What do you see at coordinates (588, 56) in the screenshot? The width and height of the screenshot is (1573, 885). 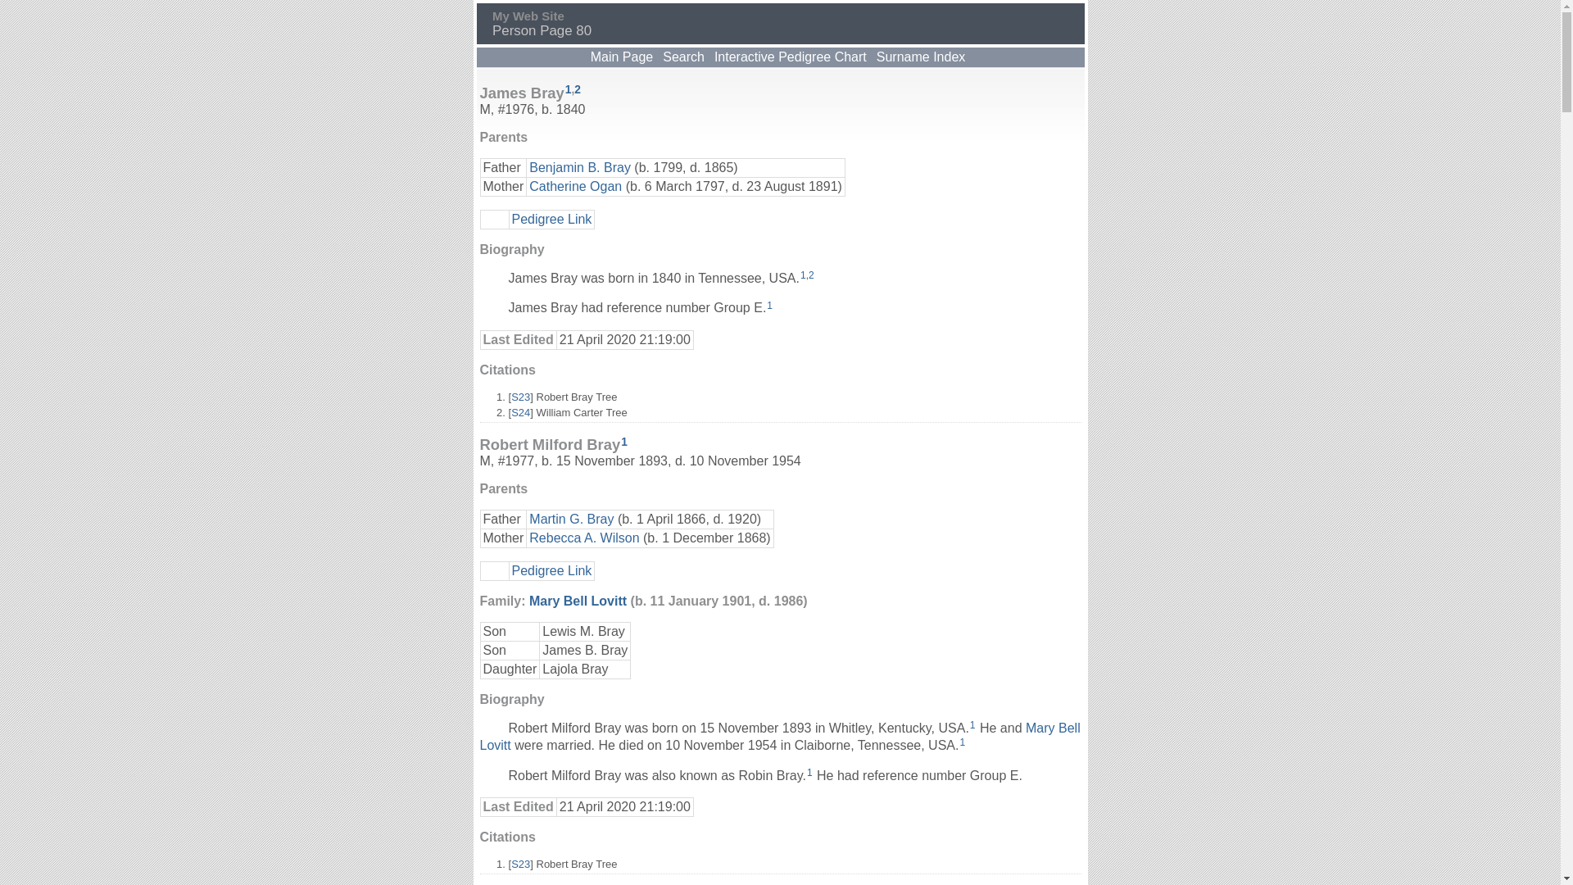 I see `'Main Page'` at bounding box center [588, 56].